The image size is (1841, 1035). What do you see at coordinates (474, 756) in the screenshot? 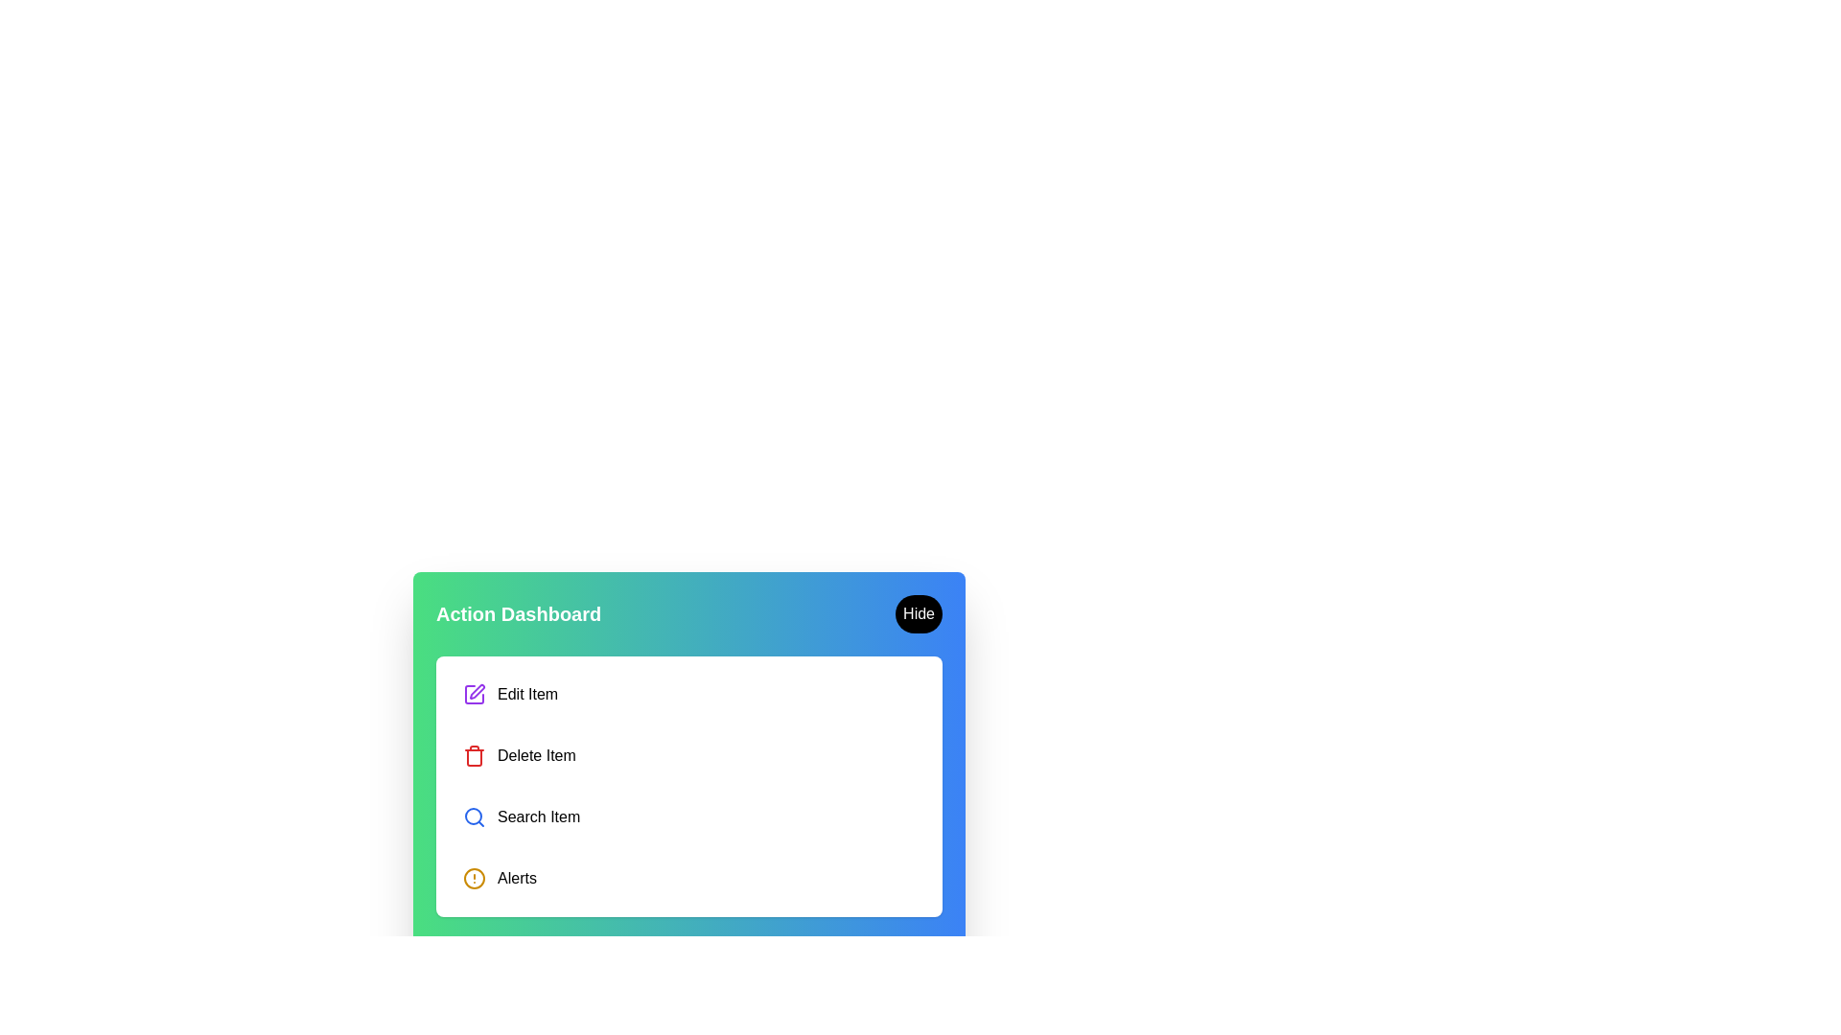
I see `the trash can icon, which represents the deletion action in the vertical list of actions` at bounding box center [474, 756].